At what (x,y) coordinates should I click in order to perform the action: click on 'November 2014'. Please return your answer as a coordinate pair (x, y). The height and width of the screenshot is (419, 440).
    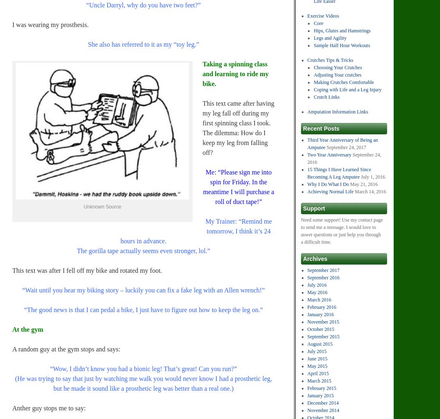
    Looking at the image, I should click on (323, 410).